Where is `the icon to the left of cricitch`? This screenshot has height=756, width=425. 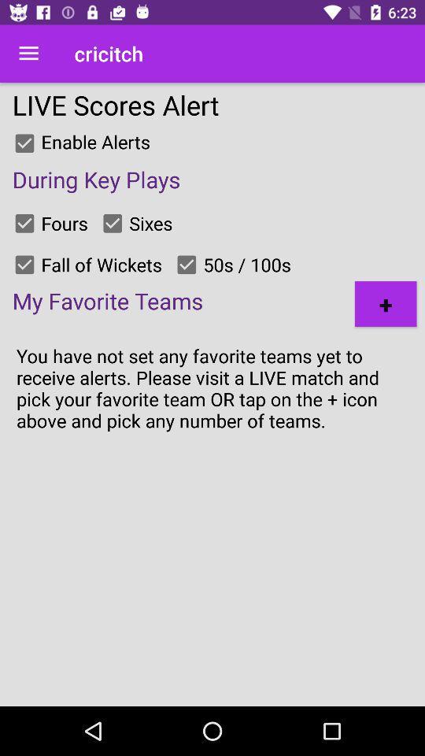 the icon to the left of cricitch is located at coordinates (28, 54).